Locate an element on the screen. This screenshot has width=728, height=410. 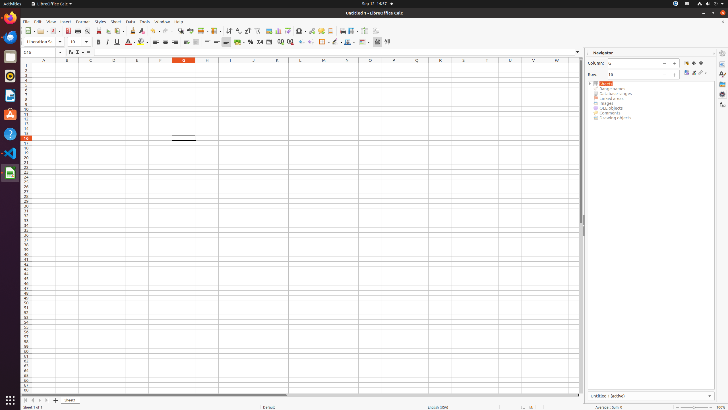
'Spelling' is located at coordinates (190, 30).